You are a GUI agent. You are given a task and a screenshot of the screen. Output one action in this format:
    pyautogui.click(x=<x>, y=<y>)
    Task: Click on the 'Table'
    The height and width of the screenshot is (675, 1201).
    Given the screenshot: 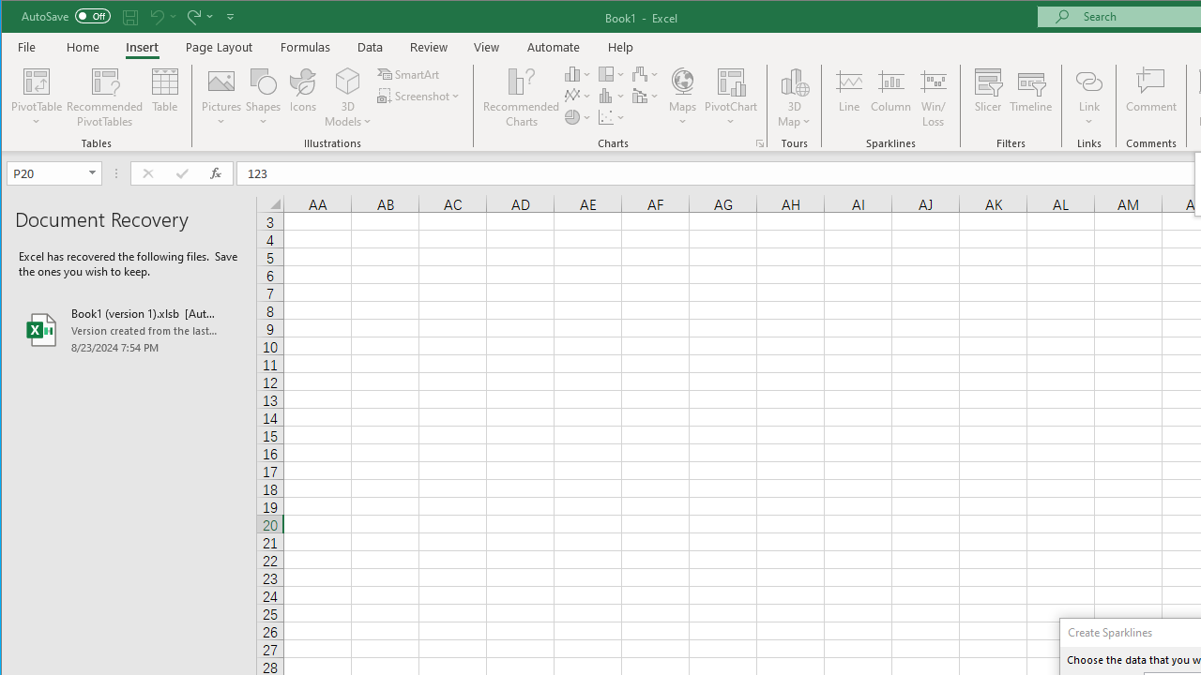 What is the action you would take?
    pyautogui.click(x=165, y=97)
    